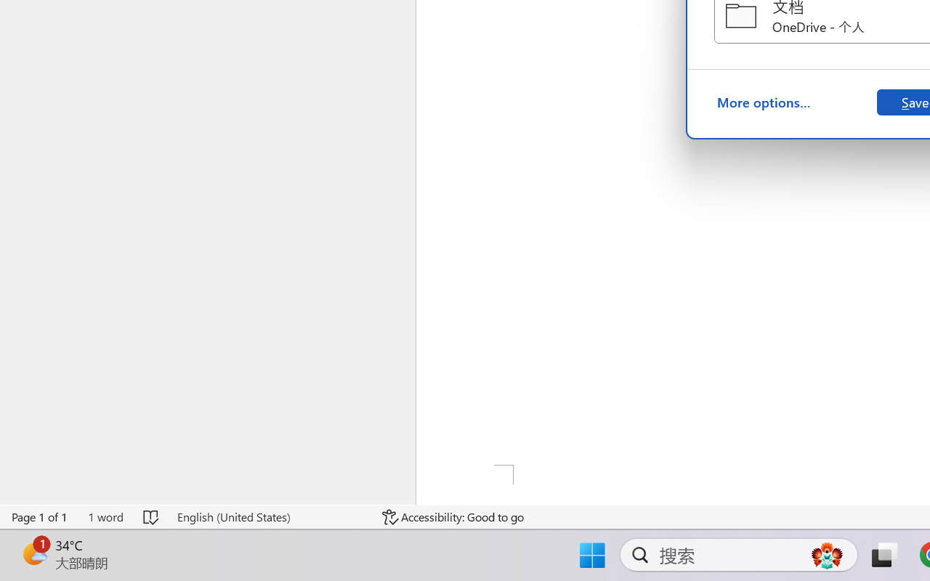 The image size is (930, 581). I want to click on 'AutomationID: DynamicSearchBoxGleamImage', so click(827, 555).